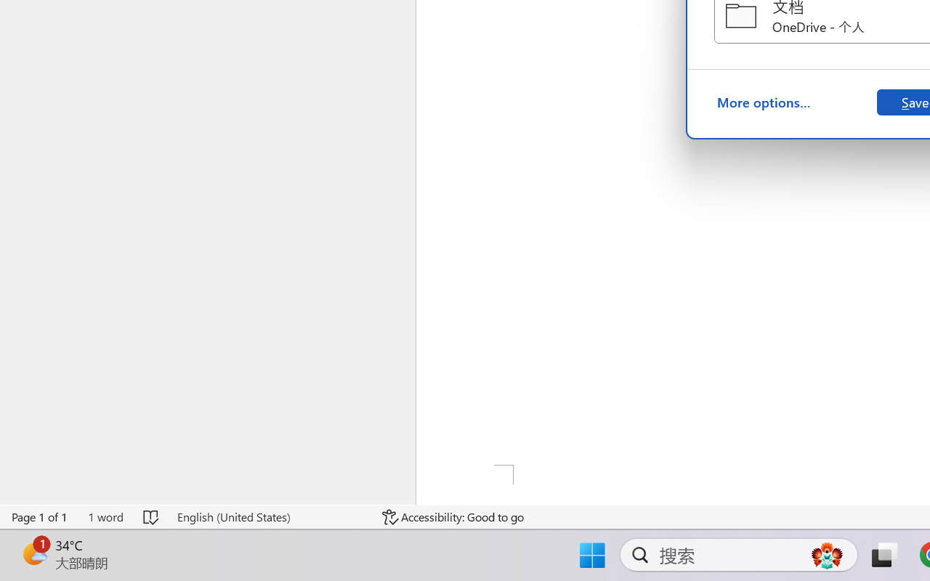 The image size is (930, 581). I want to click on 'AutomationID: DynamicSearchBoxGleamImage', so click(827, 555).